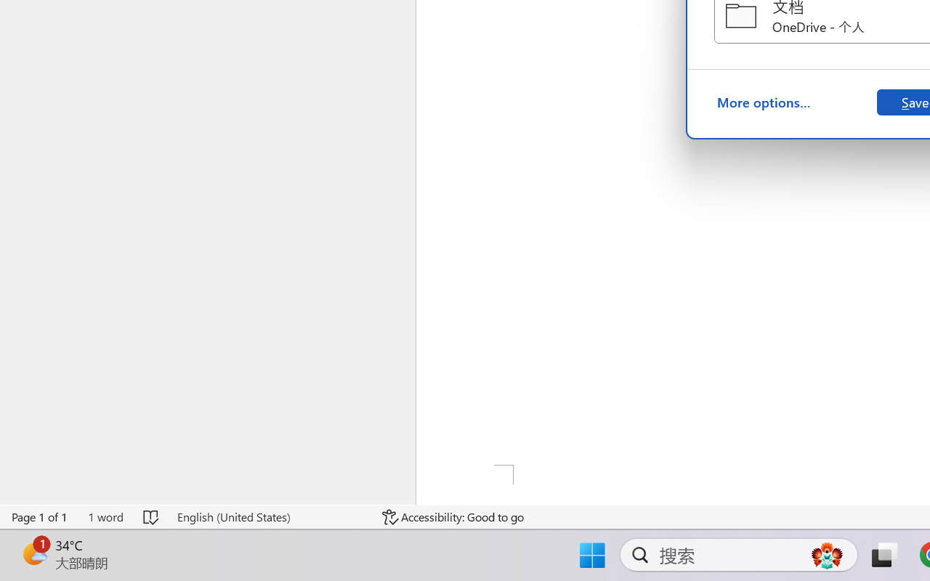 The image size is (930, 581). I want to click on 'AutomationID: DynamicSearchBoxGleamImage', so click(827, 555).